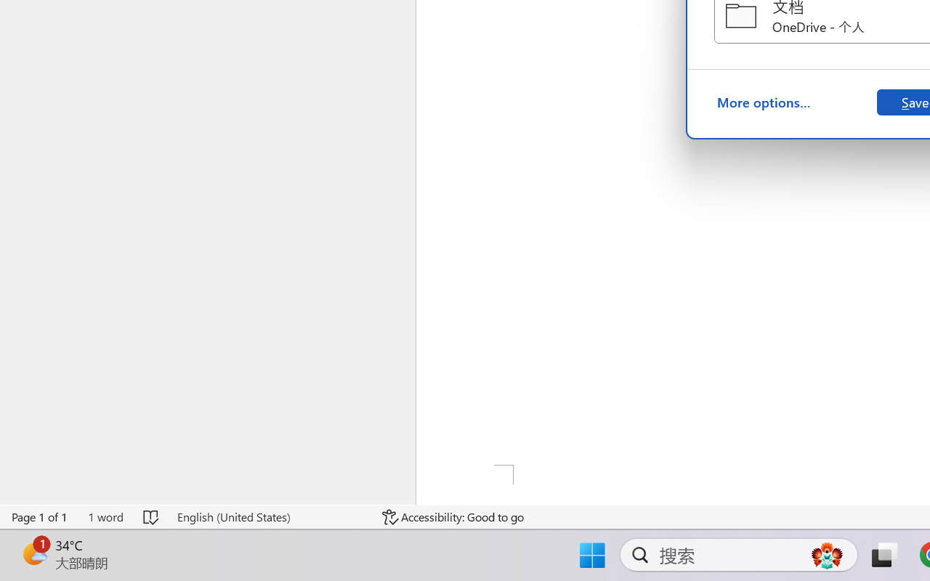 The image size is (930, 581). I want to click on 'AutomationID: DynamicSearchBoxGleamImage', so click(827, 555).